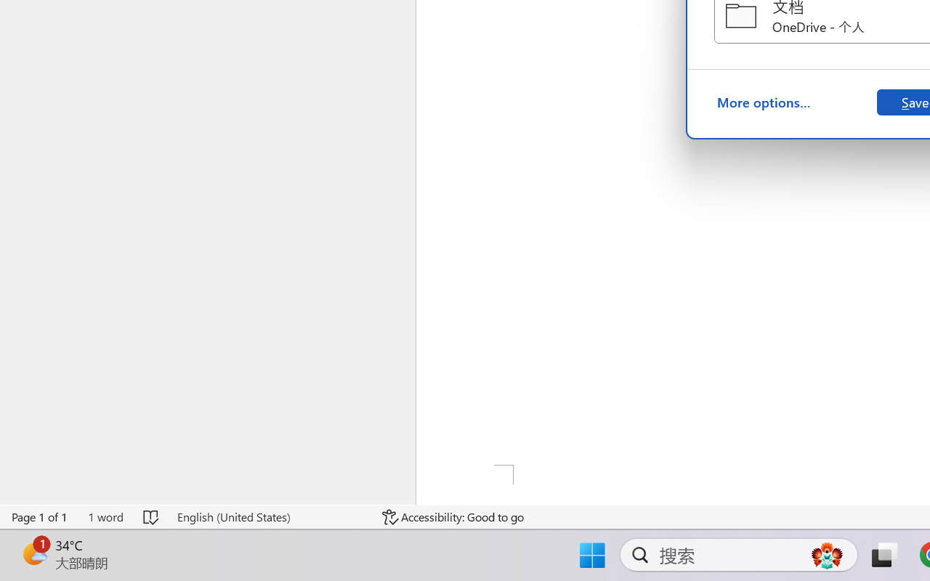 The image size is (930, 581). I want to click on 'AutomationID: DynamicSearchBoxGleamImage', so click(827, 555).